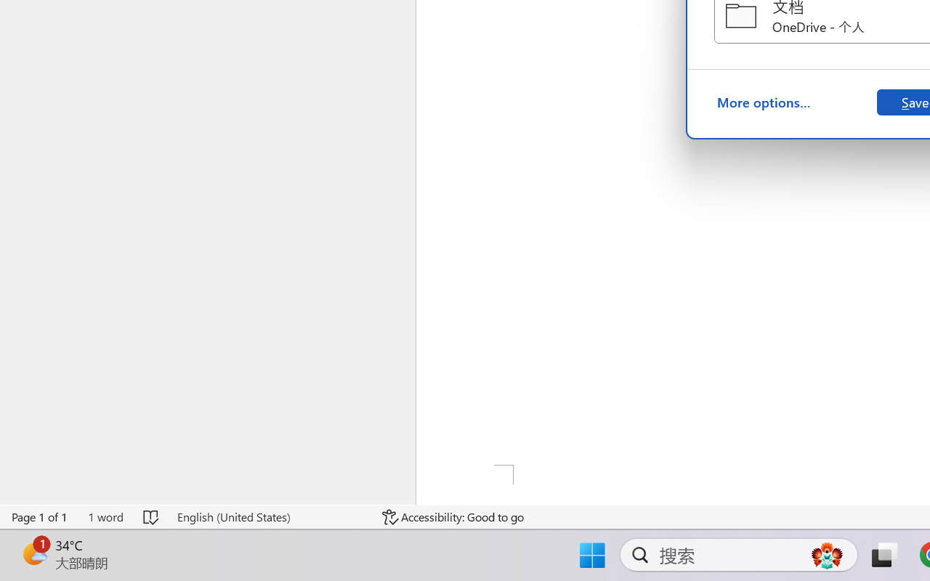 The image size is (930, 581). I want to click on 'AutomationID: DynamicSearchBoxGleamImage', so click(827, 555).